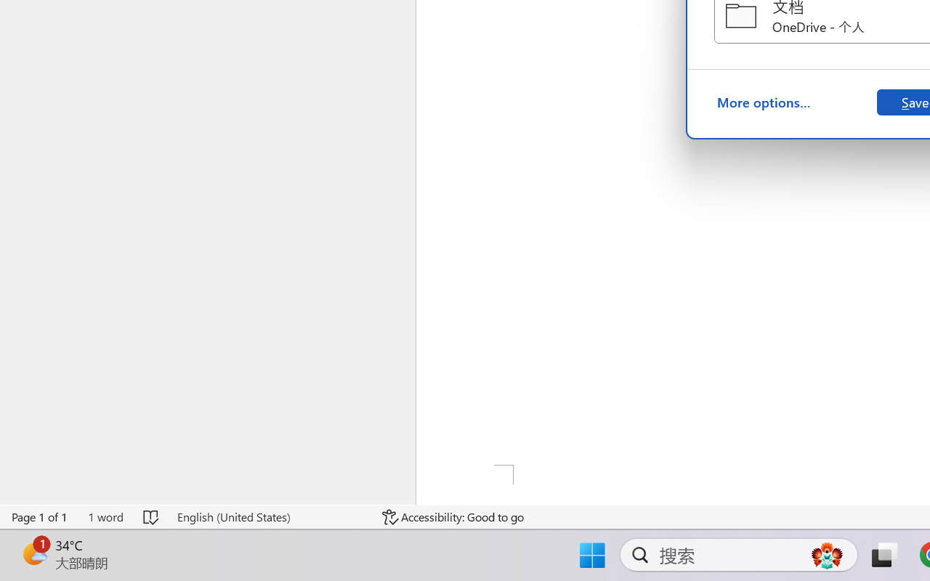 The image size is (930, 581). I want to click on 'AutomationID: DynamicSearchBoxGleamImage', so click(827, 555).